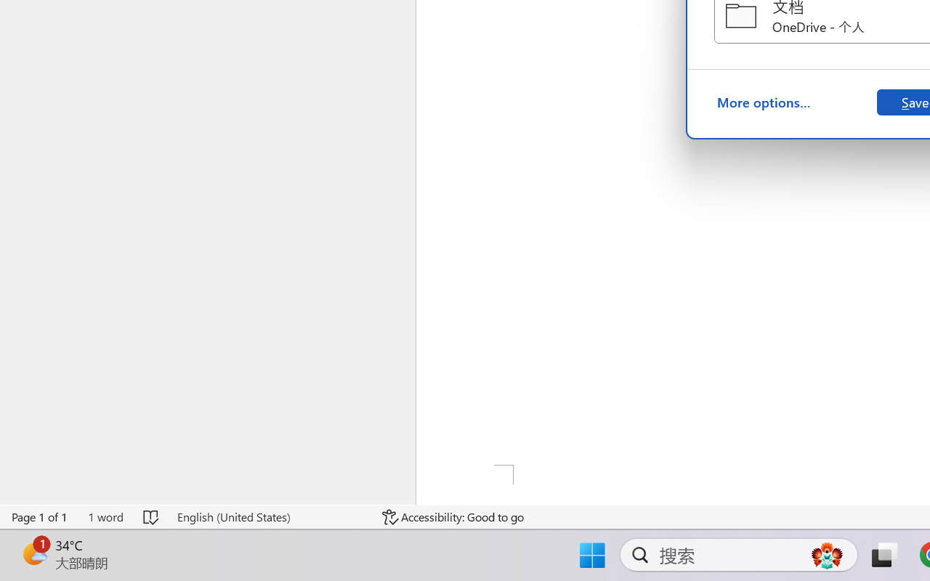 The image size is (930, 581). I want to click on 'AutomationID: DynamicSearchBoxGleamImage', so click(827, 555).